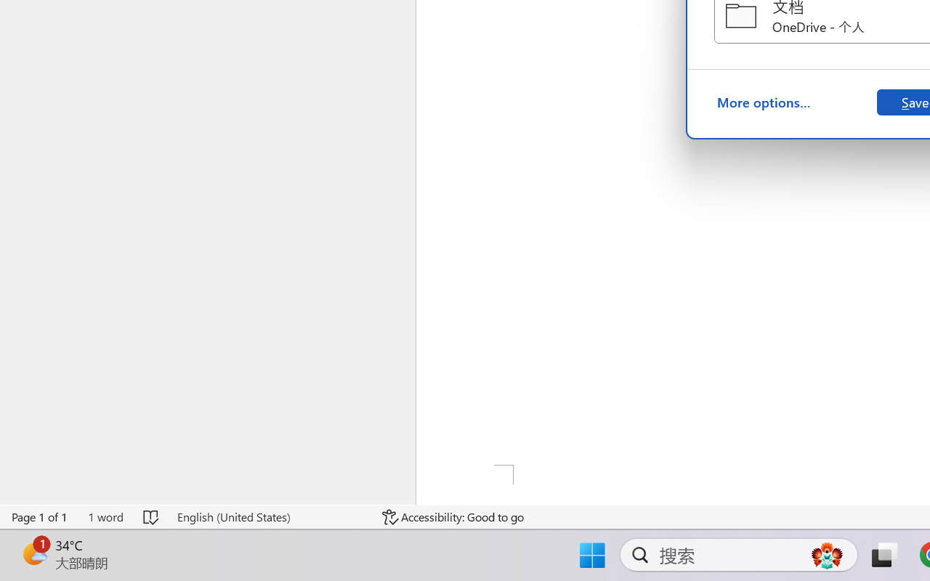 The image size is (930, 581). I want to click on 'AutomationID: DynamicSearchBoxGleamImage', so click(827, 555).